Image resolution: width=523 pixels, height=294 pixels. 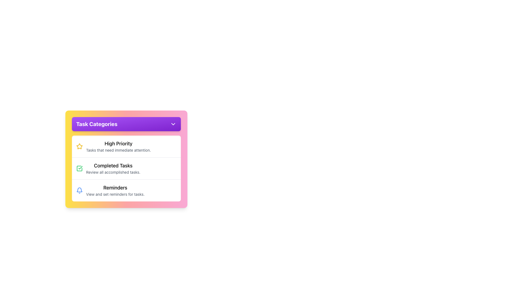 What do you see at coordinates (118, 150) in the screenshot?
I see `the descriptive text located directly below the 'High Priority' label in the 'Task Categories' section of the card-like structure` at bounding box center [118, 150].